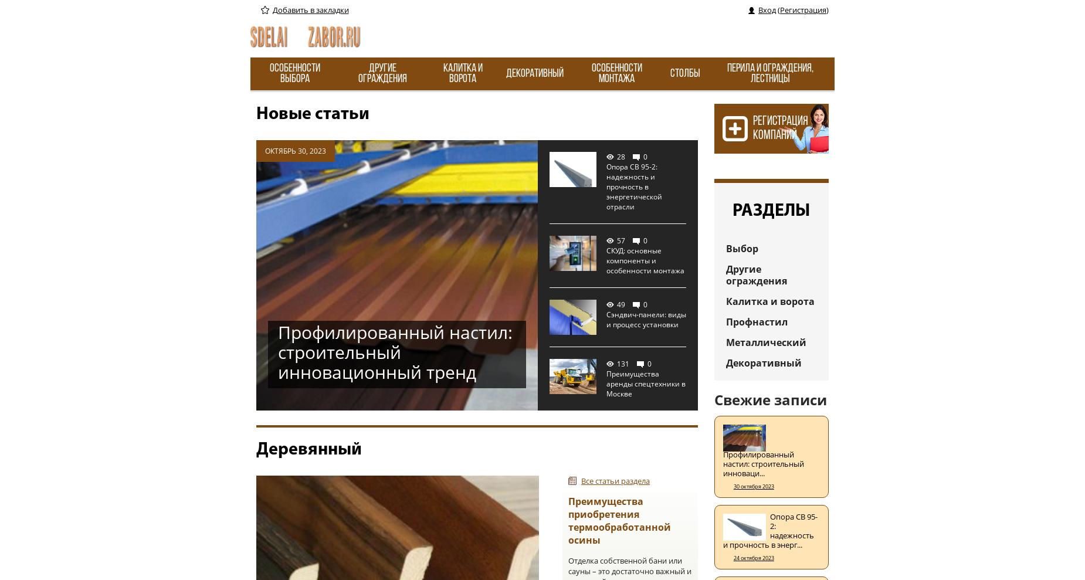 Image resolution: width=1085 pixels, height=580 pixels. What do you see at coordinates (646, 320) in the screenshot?
I see `'Сэндвич-панели: виды и процесс установки'` at bounding box center [646, 320].